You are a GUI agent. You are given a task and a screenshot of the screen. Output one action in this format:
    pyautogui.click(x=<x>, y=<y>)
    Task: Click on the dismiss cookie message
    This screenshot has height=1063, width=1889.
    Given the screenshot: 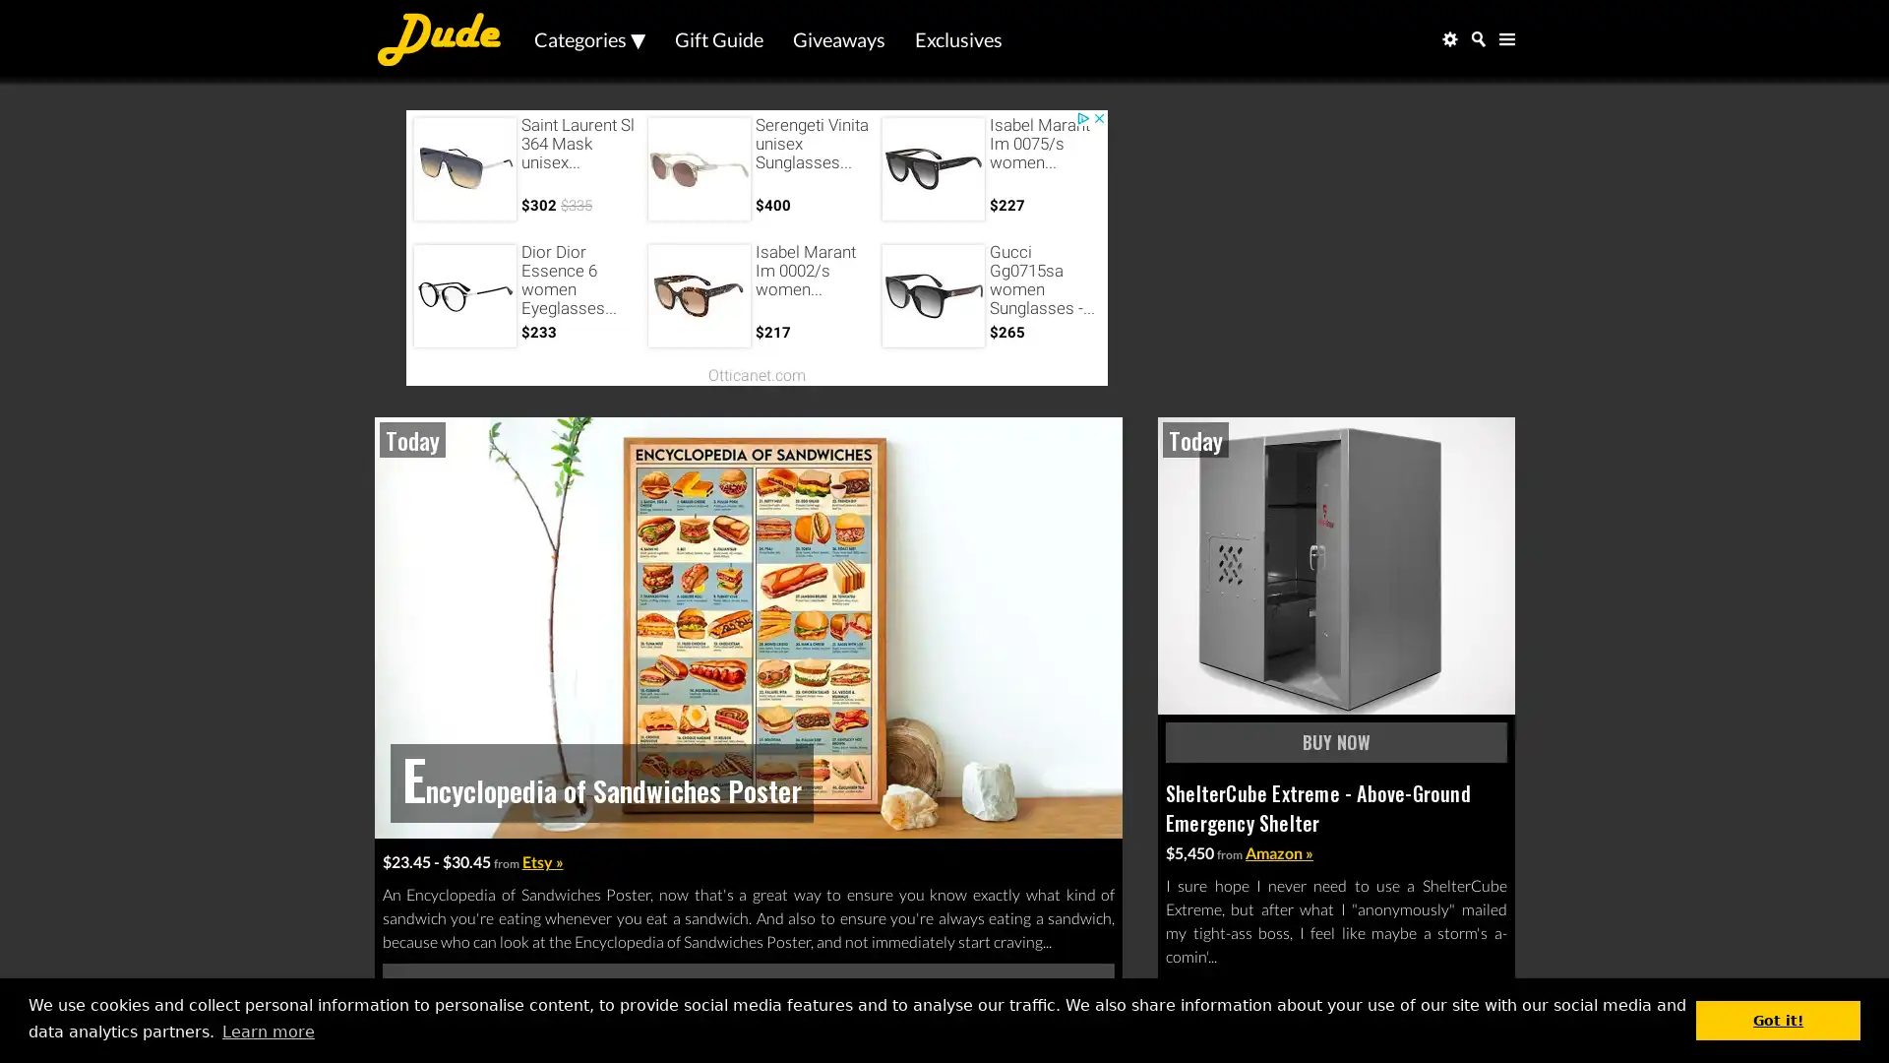 What is the action you would take?
    pyautogui.click(x=1778, y=1019)
    